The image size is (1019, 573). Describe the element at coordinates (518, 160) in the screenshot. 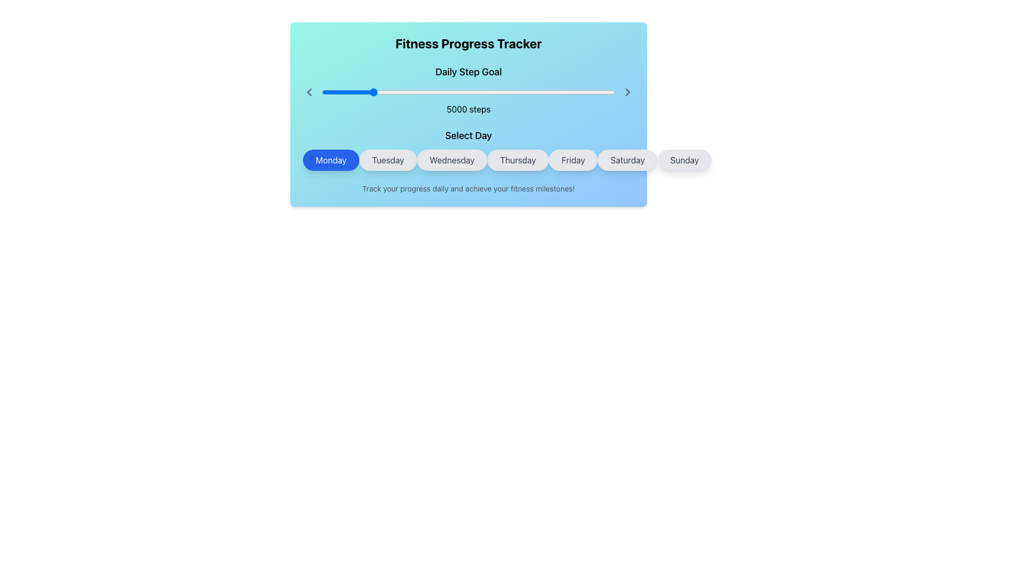

I see `the pill-shaped button labeled 'Thursday' with a gray background and dark gray text` at that location.